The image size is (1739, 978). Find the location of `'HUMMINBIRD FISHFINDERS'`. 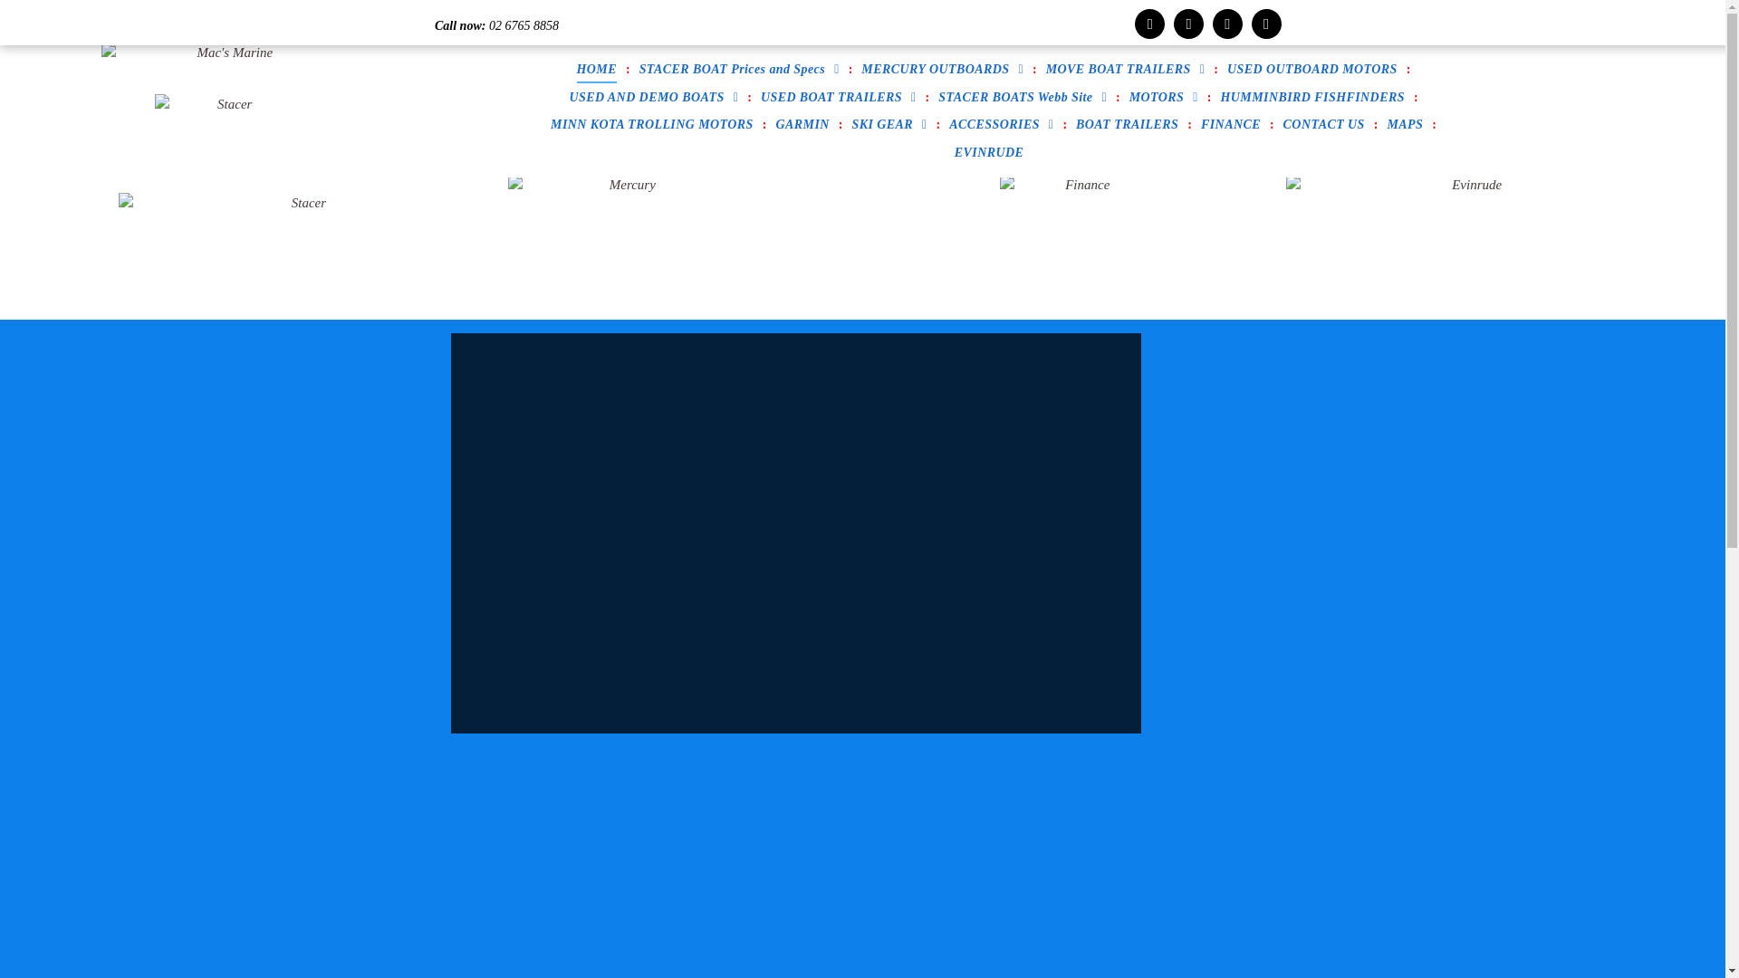

'HUMMINBIRD FISHFINDERS' is located at coordinates (1312, 97).